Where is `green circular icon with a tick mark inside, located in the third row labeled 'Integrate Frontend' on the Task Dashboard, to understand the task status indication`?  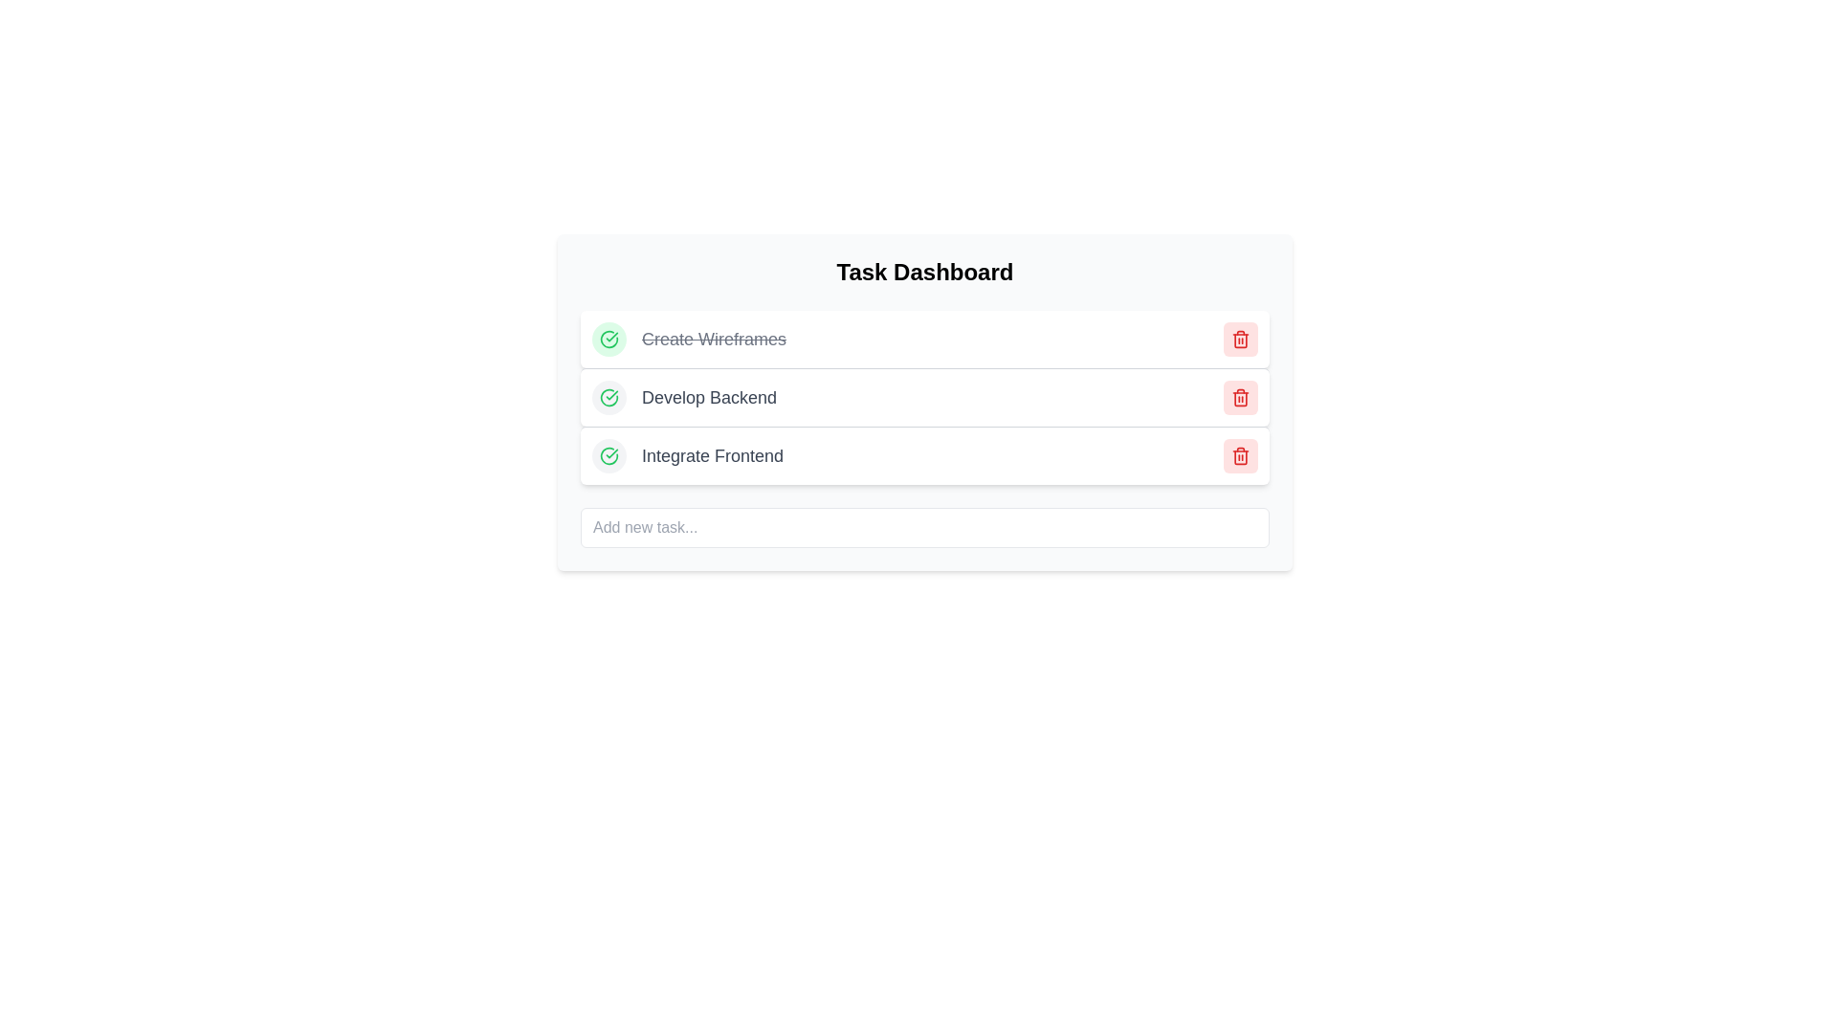
green circular icon with a tick mark inside, located in the third row labeled 'Integrate Frontend' on the Task Dashboard, to understand the task status indication is located at coordinates (609, 456).